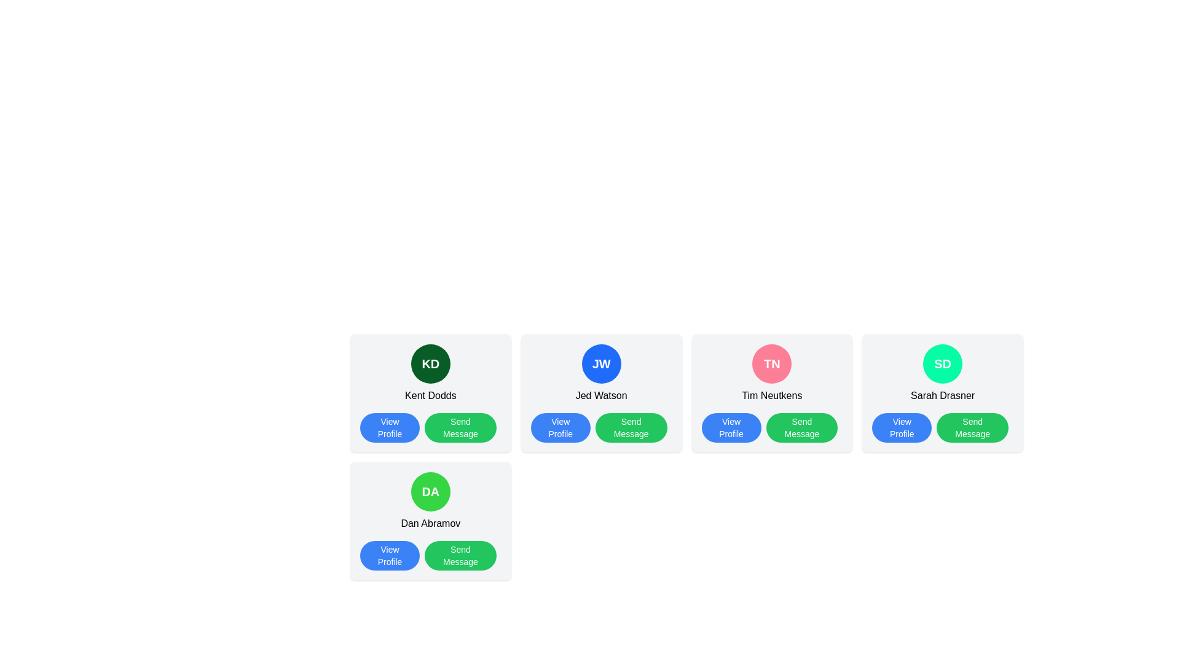 The width and height of the screenshot is (1180, 664). I want to click on the circular avatar displaying the letters 'JW', so click(601, 363).